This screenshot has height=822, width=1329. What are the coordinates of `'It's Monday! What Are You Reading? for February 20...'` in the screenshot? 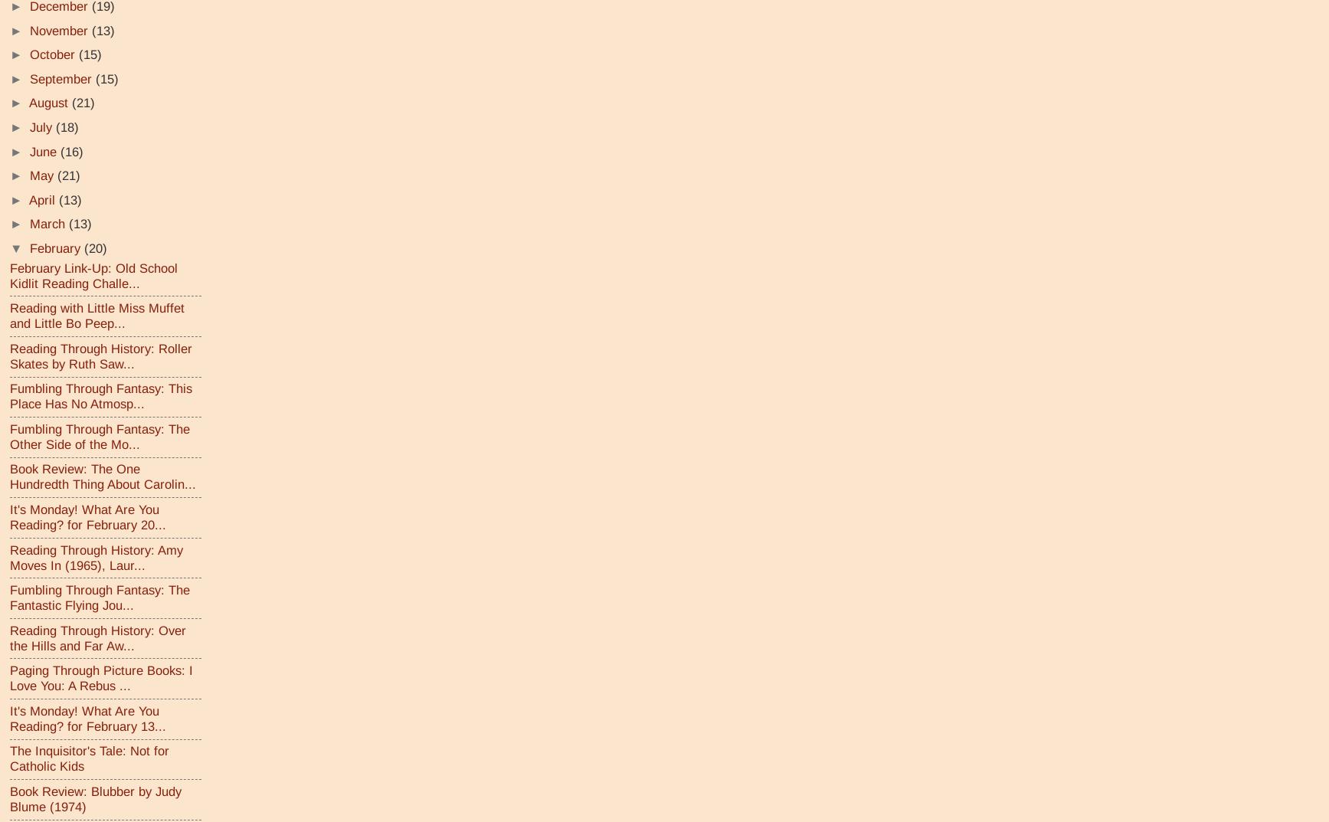 It's located at (88, 517).